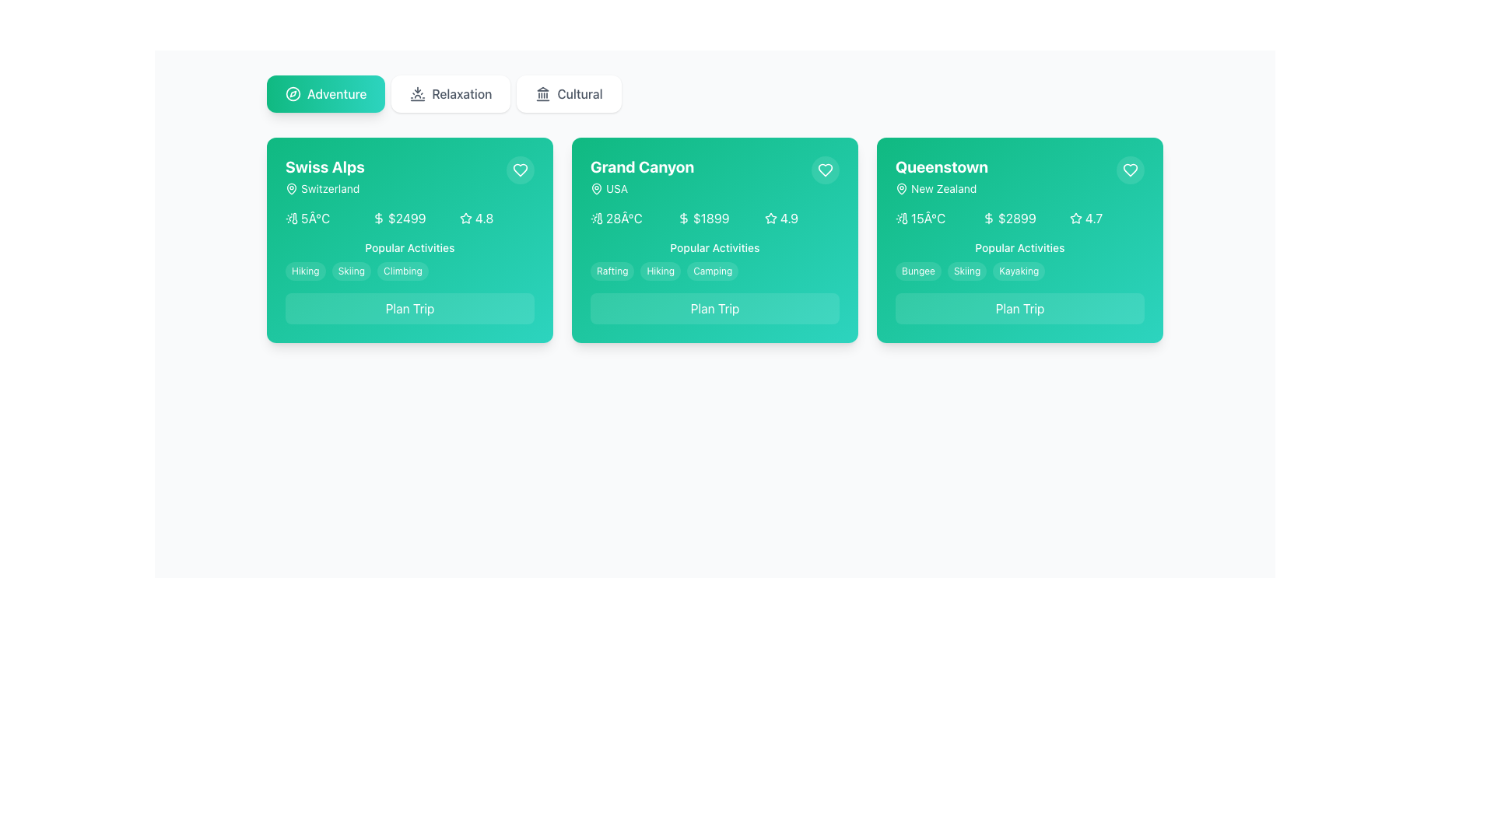 Image resolution: width=1494 pixels, height=840 pixels. Describe the element at coordinates (543, 93) in the screenshot. I see `the SVG icon representing a landmark next to the 'Cultural' text in the top navigation bar` at that location.